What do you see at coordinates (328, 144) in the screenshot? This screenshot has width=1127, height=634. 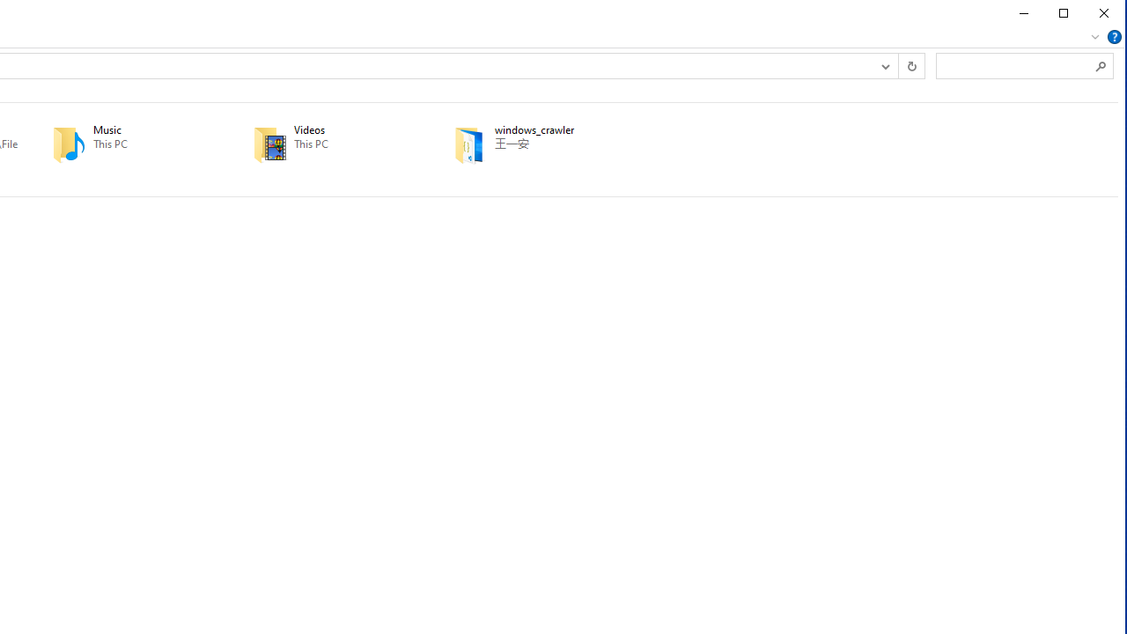 I see `'Videos'` at bounding box center [328, 144].